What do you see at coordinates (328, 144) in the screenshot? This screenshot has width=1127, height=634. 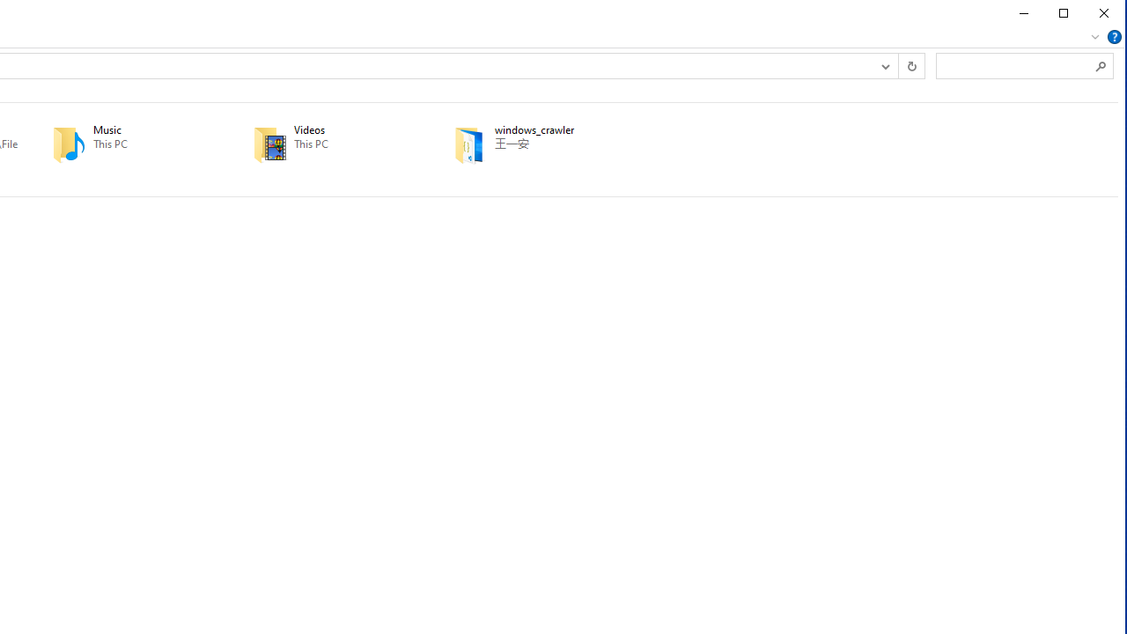 I see `'Videos'` at bounding box center [328, 144].